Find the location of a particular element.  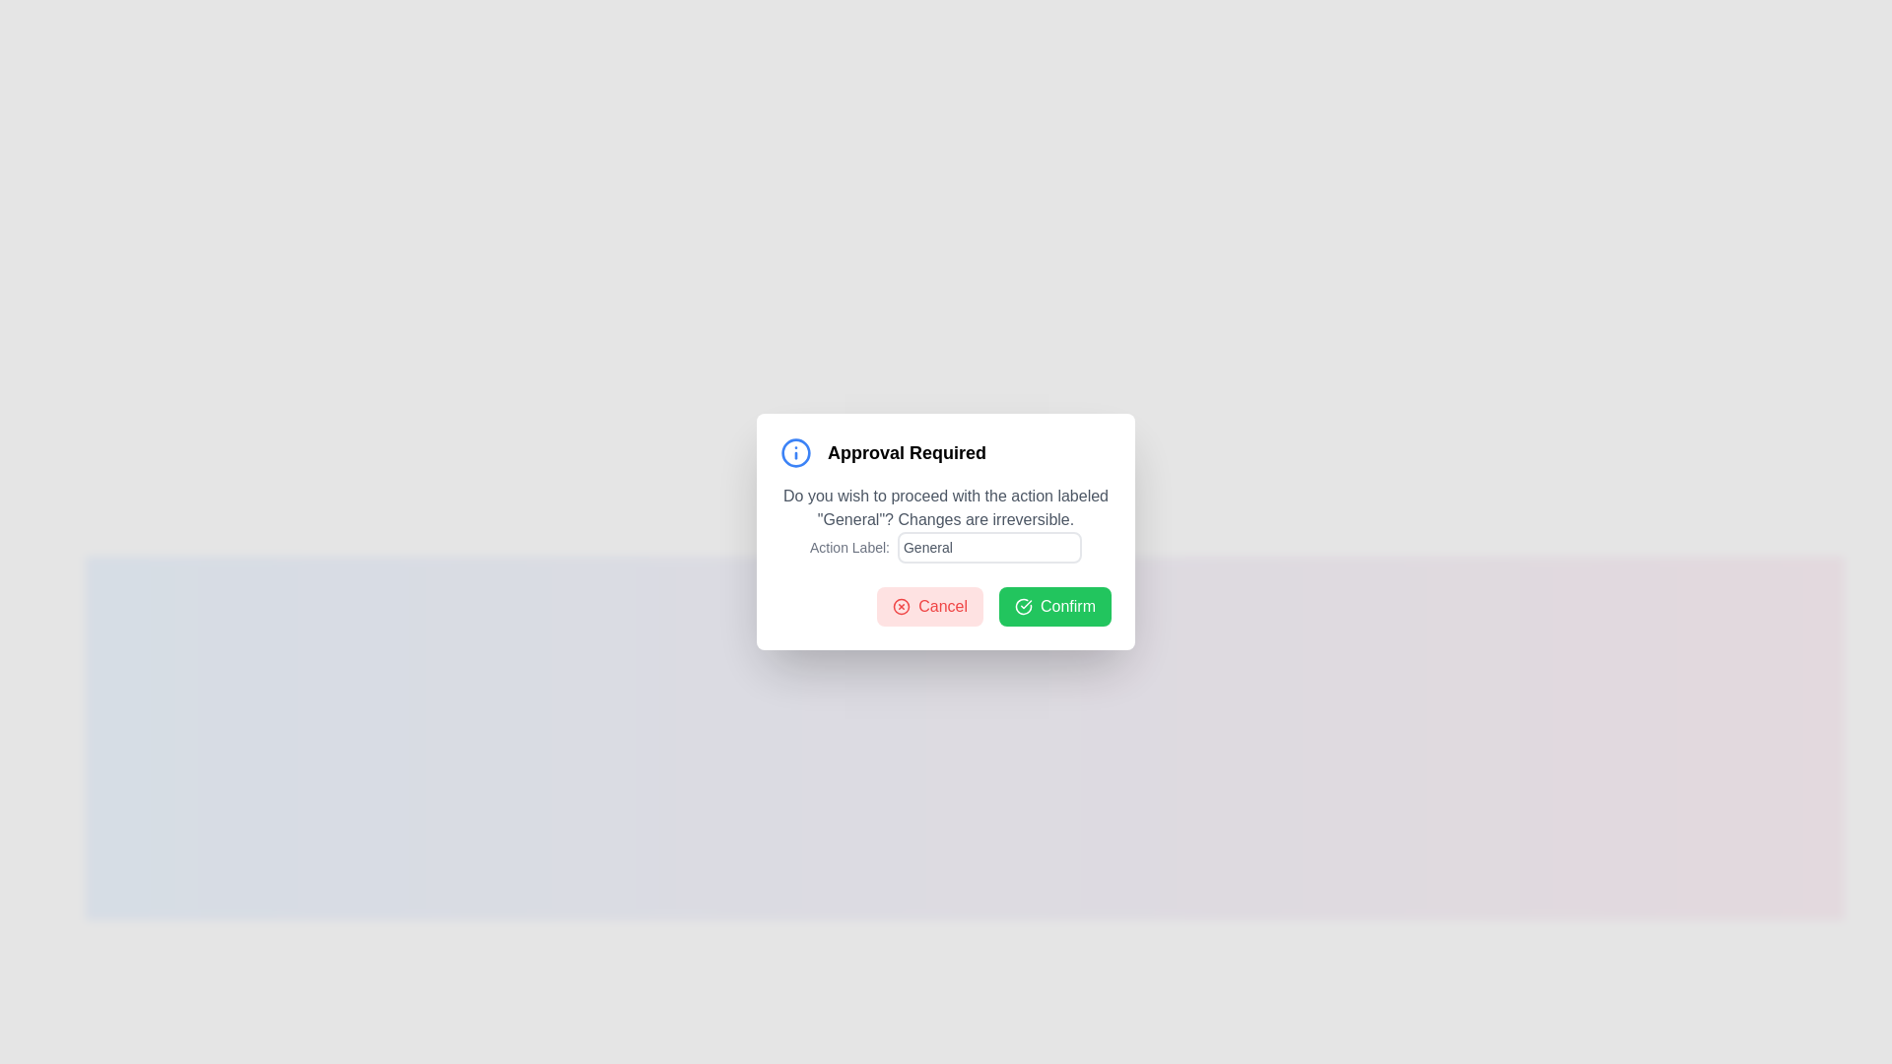

the informational indicator icon representing the 'Approval Required' section, located to the left of the 'Approval Required' text in the dialog box is located at coordinates (795, 452).